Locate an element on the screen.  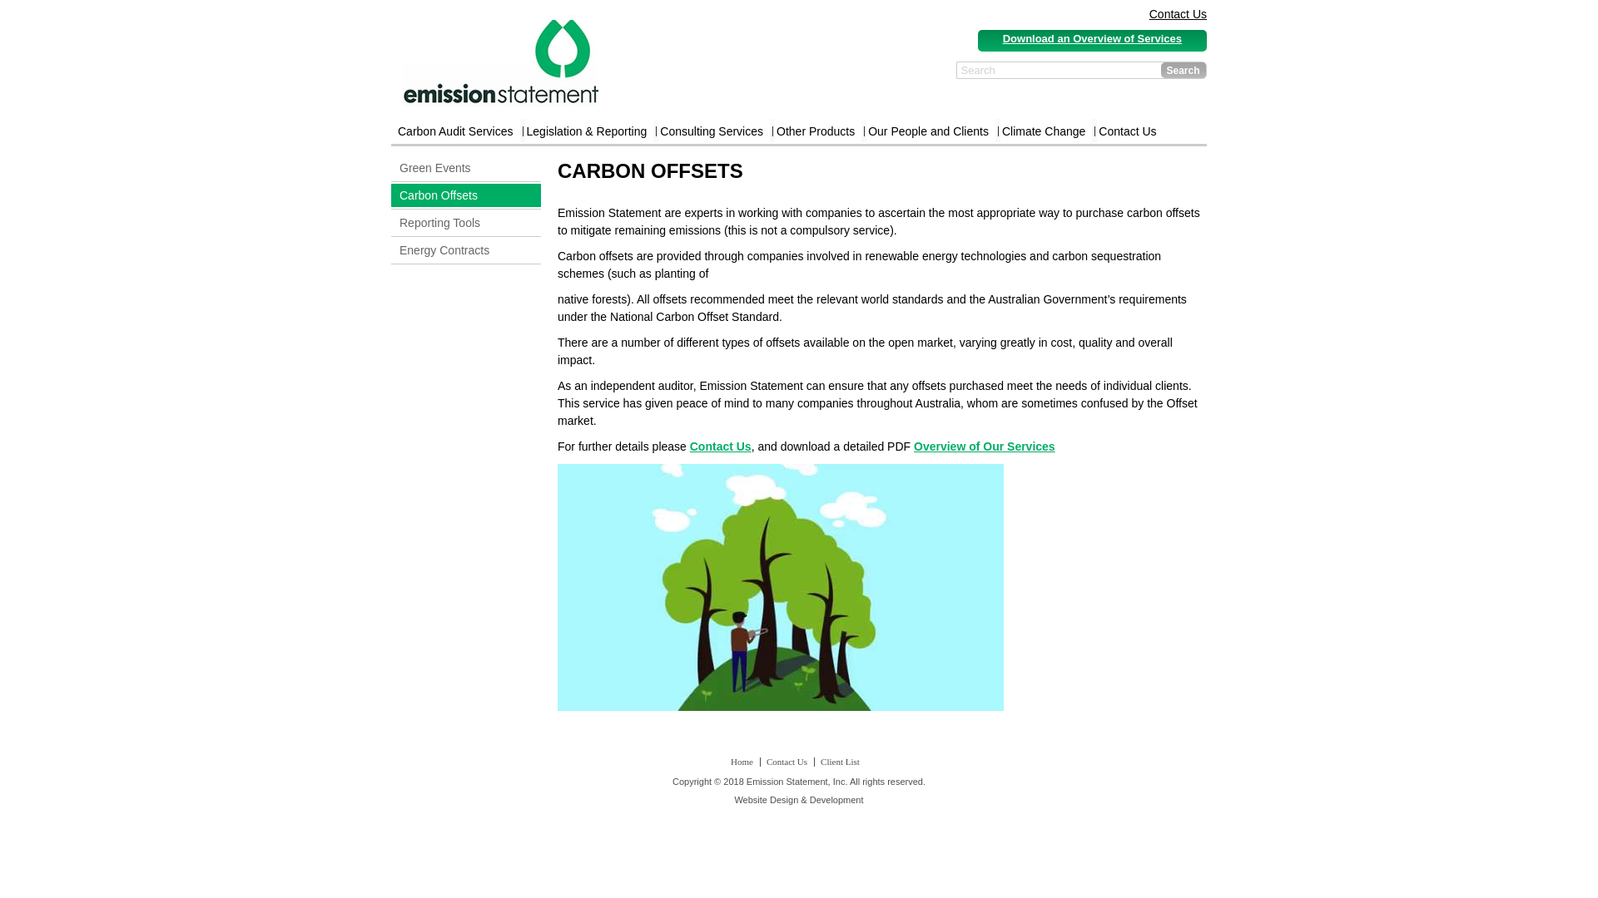
'Other Products' is located at coordinates (815, 131).